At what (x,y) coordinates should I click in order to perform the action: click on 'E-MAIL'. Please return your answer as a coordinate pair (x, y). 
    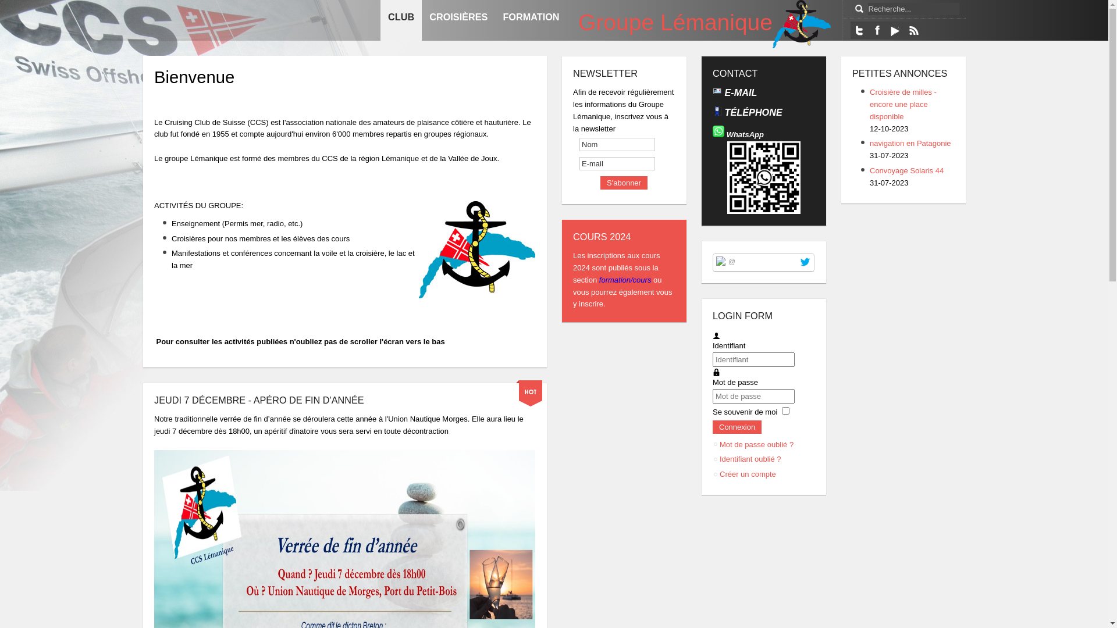
    Looking at the image, I should click on (739, 91).